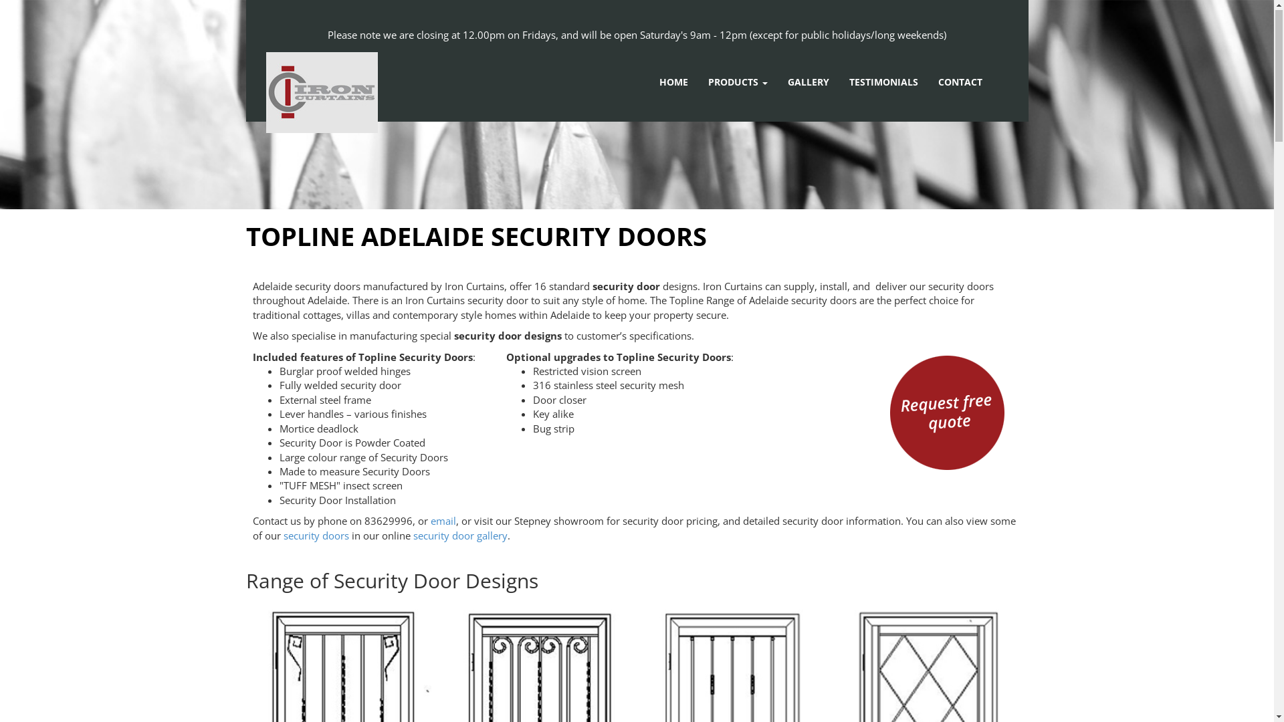  What do you see at coordinates (413, 535) in the screenshot?
I see `'security door gallery'` at bounding box center [413, 535].